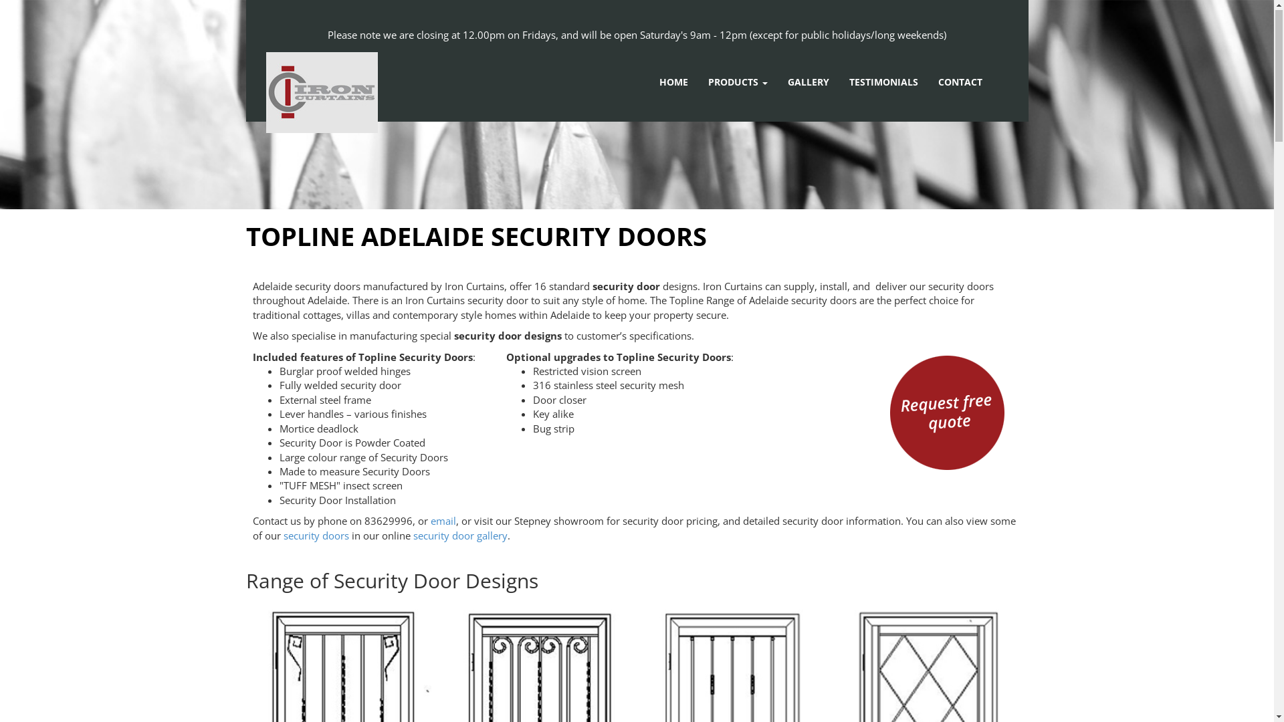  What do you see at coordinates (413, 535) in the screenshot?
I see `'security door gallery'` at bounding box center [413, 535].